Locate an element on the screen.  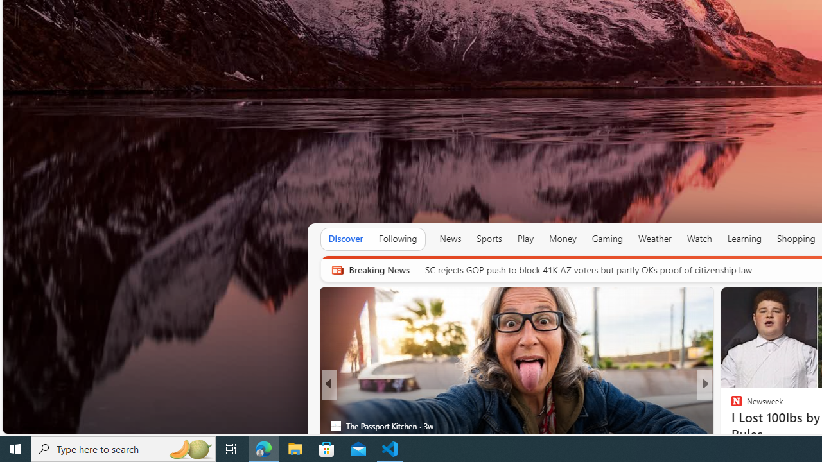
'Inquirer' is located at coordinates (731, 425).